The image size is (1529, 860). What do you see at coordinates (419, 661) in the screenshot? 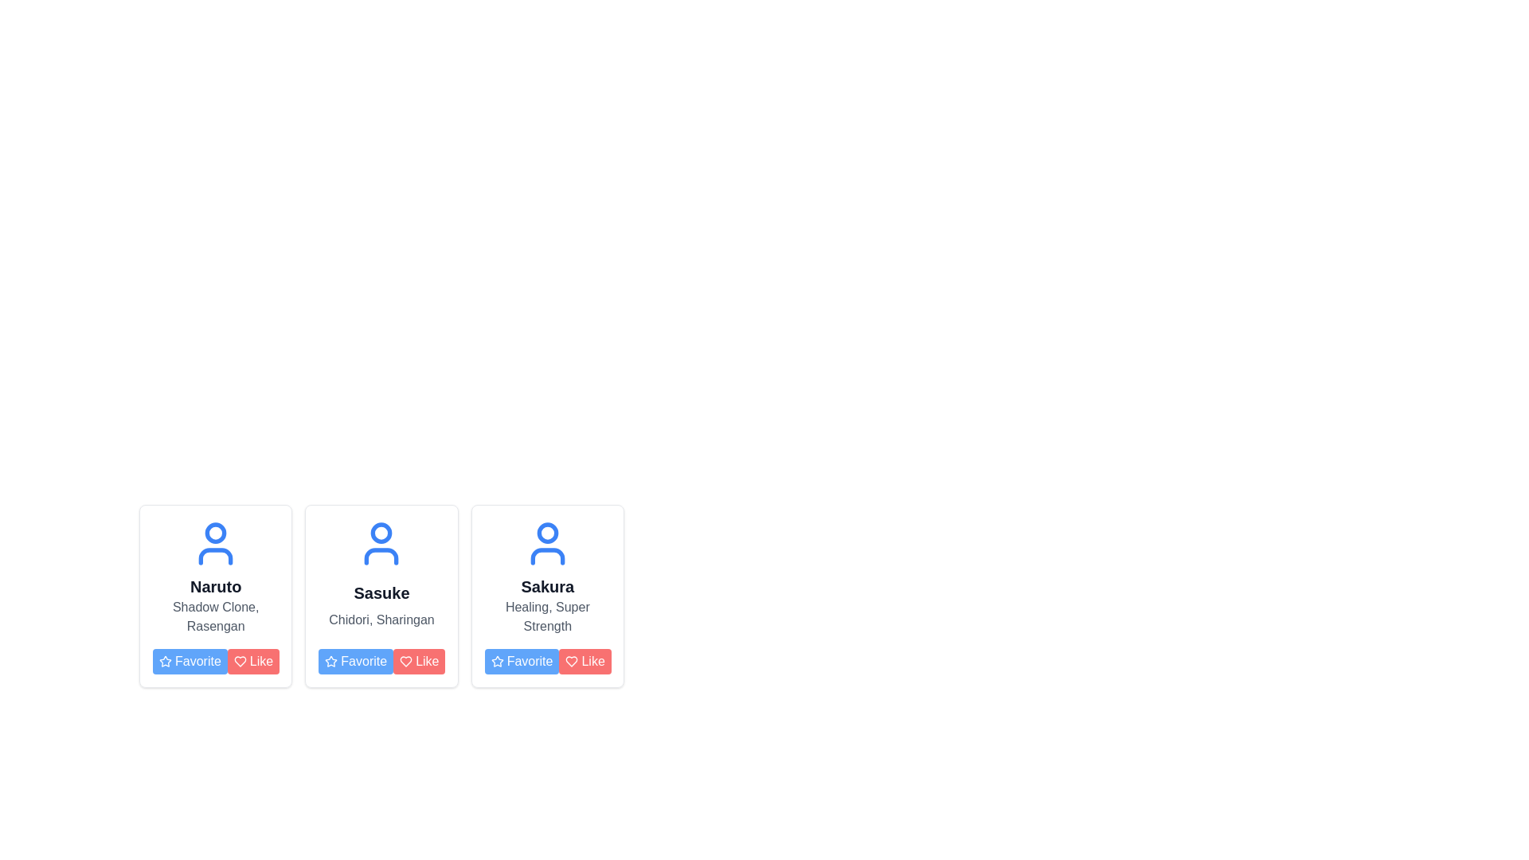
I see `the 'Like' button with a bright red background, which is located in the second card of a horizontal row` at bounding box center [419, 661].